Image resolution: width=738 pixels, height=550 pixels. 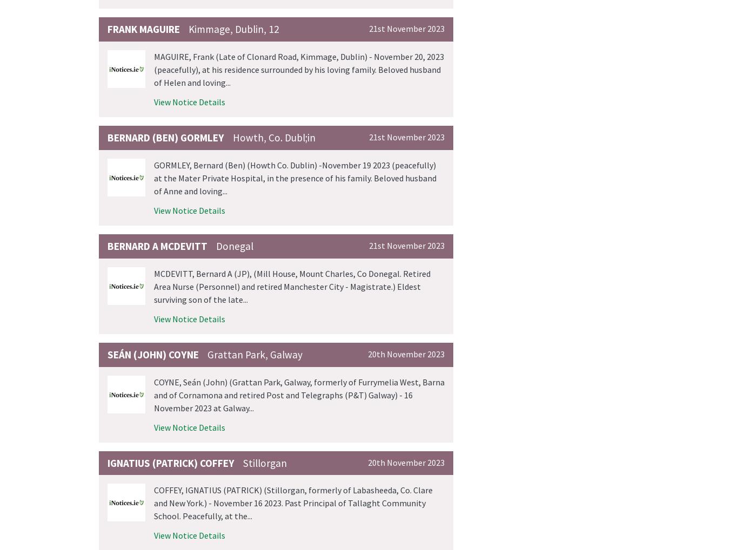 I want to click on 'Grattan Park, Galway', so click(x=254, y=354).